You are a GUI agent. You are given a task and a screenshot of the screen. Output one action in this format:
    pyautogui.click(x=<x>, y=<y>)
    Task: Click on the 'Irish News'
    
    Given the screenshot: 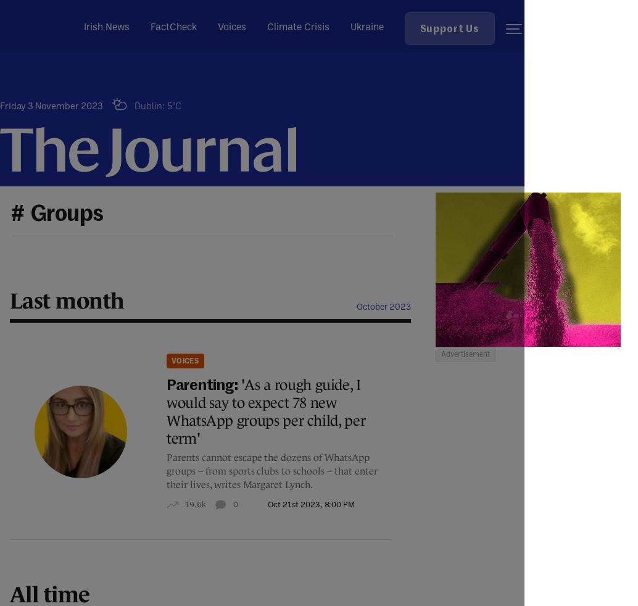 What is the action you would take?
    pyautogui.click(x=83, y=25)
    